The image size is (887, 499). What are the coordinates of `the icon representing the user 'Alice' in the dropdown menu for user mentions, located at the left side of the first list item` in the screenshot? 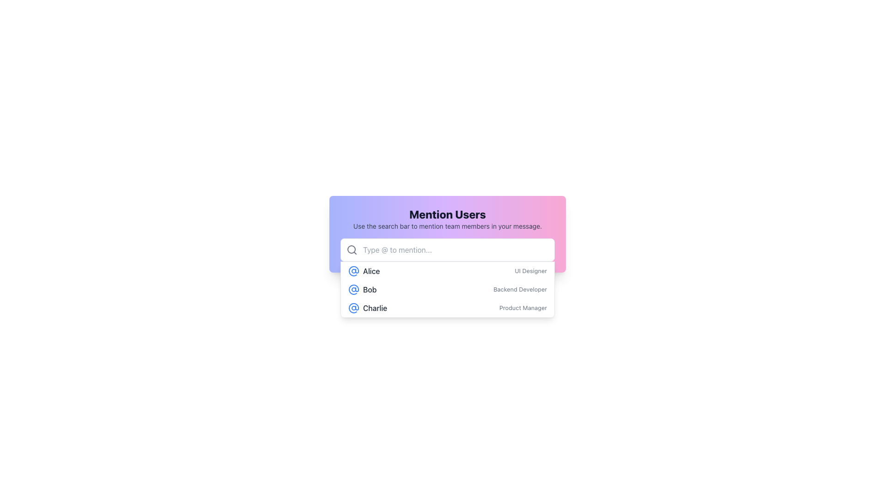 It's located at (353, 270).